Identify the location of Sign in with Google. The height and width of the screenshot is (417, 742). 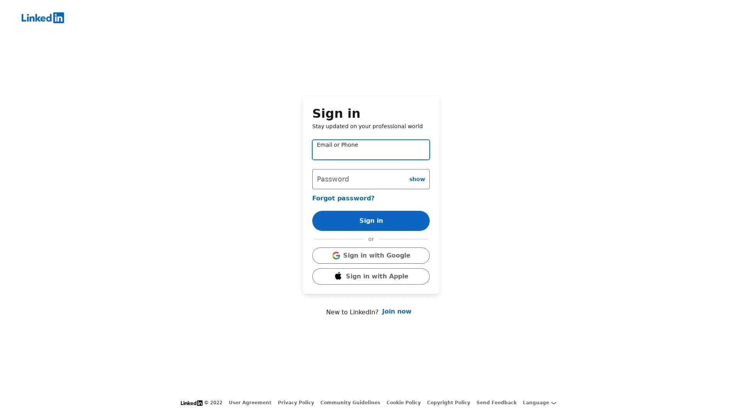
(371, 256).